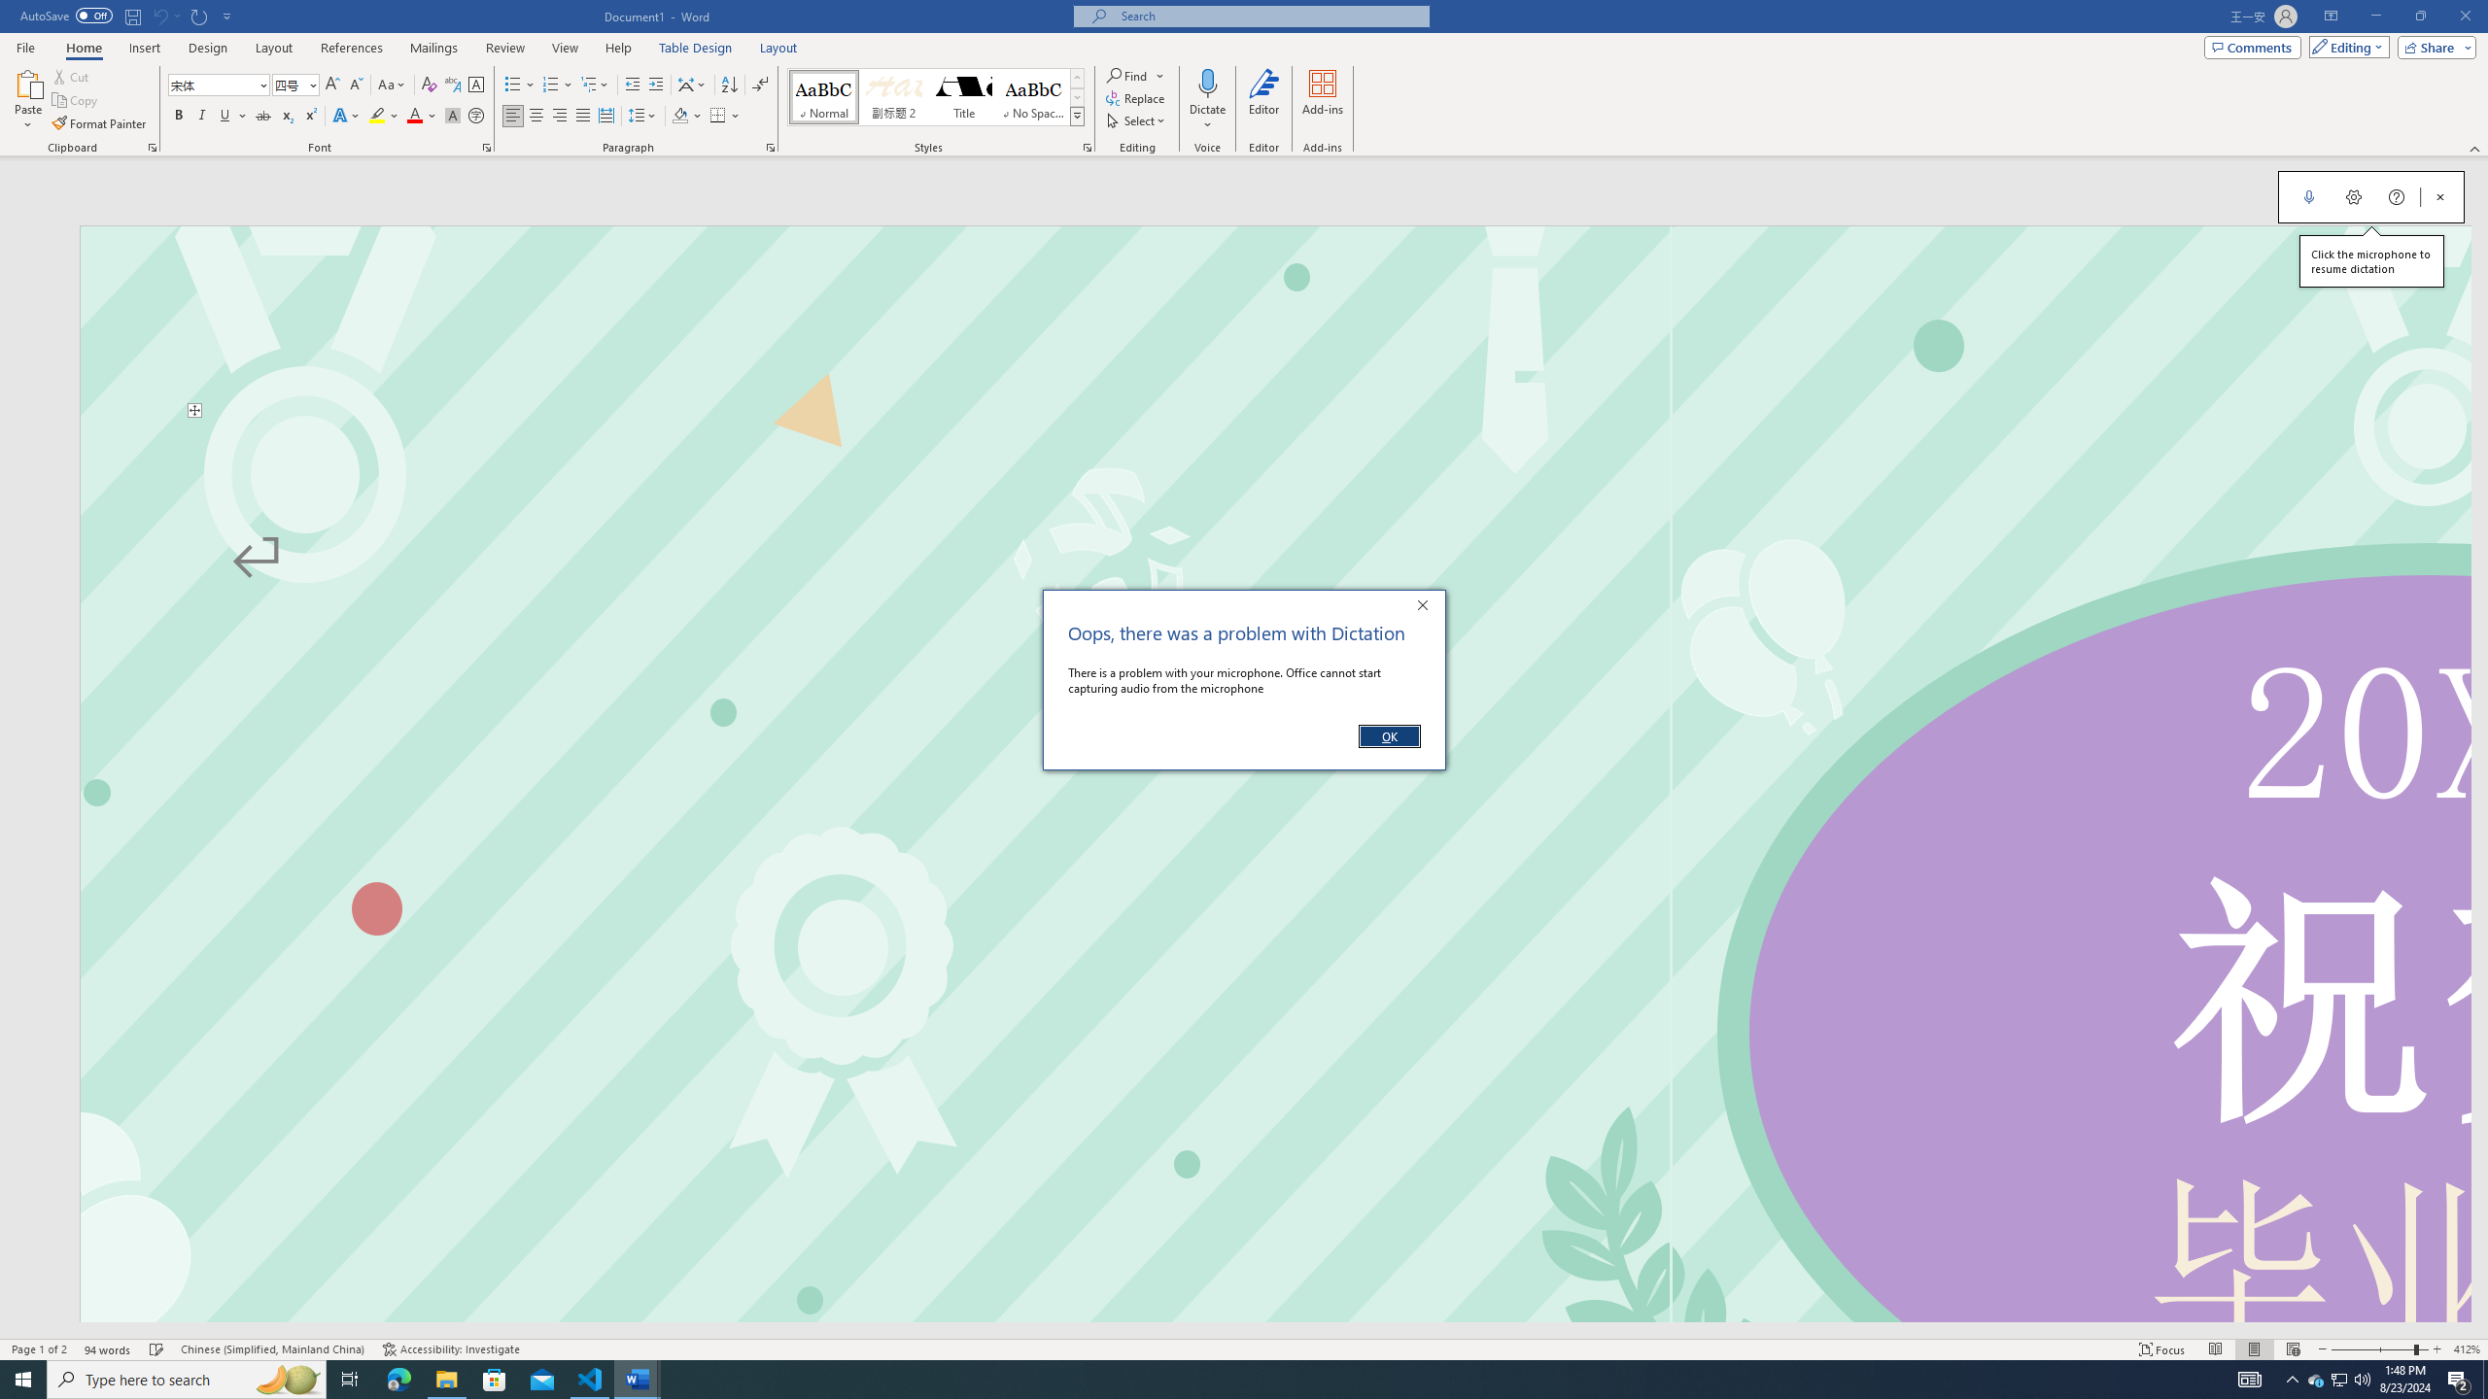  Describe the element at coordinates (1388, 736) in the screenshot. I see `'OK'` at that location.